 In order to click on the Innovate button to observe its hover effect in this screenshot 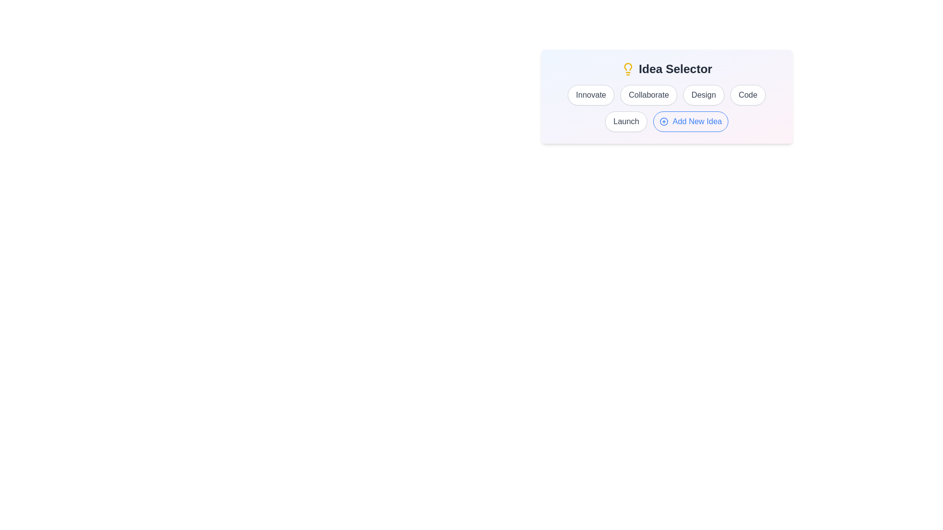, I will do `click(590, 95)`.